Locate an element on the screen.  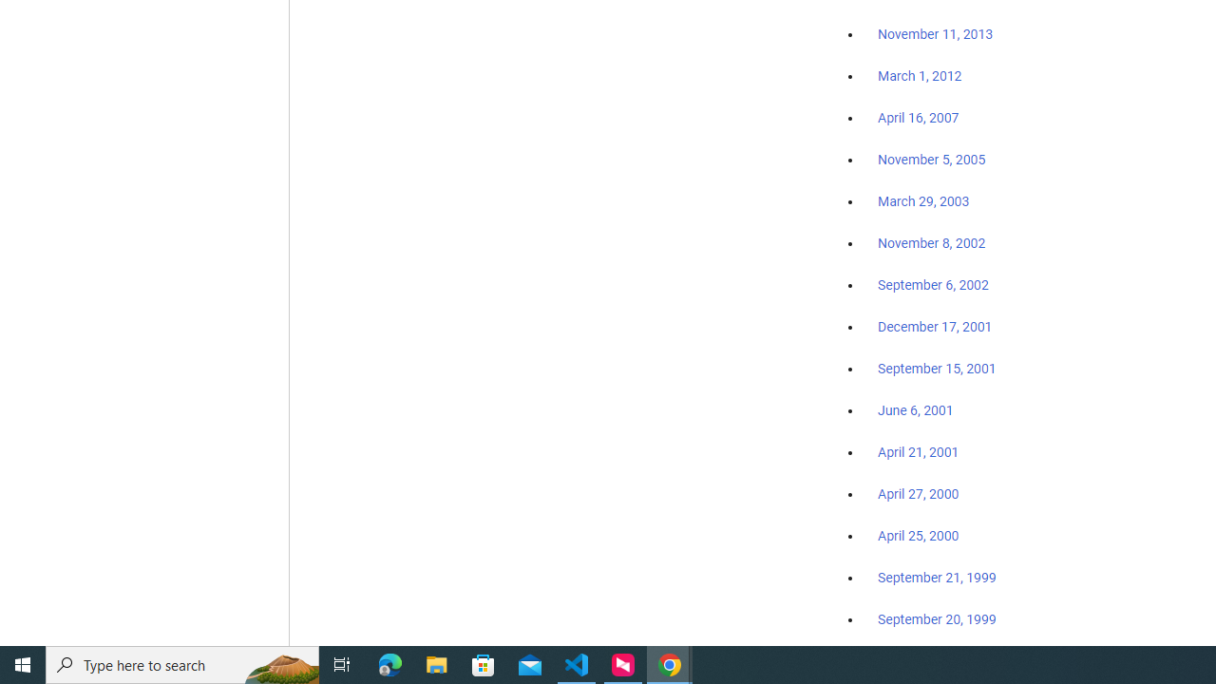
'April 16, 2007' is located at coordinates (919, 118).